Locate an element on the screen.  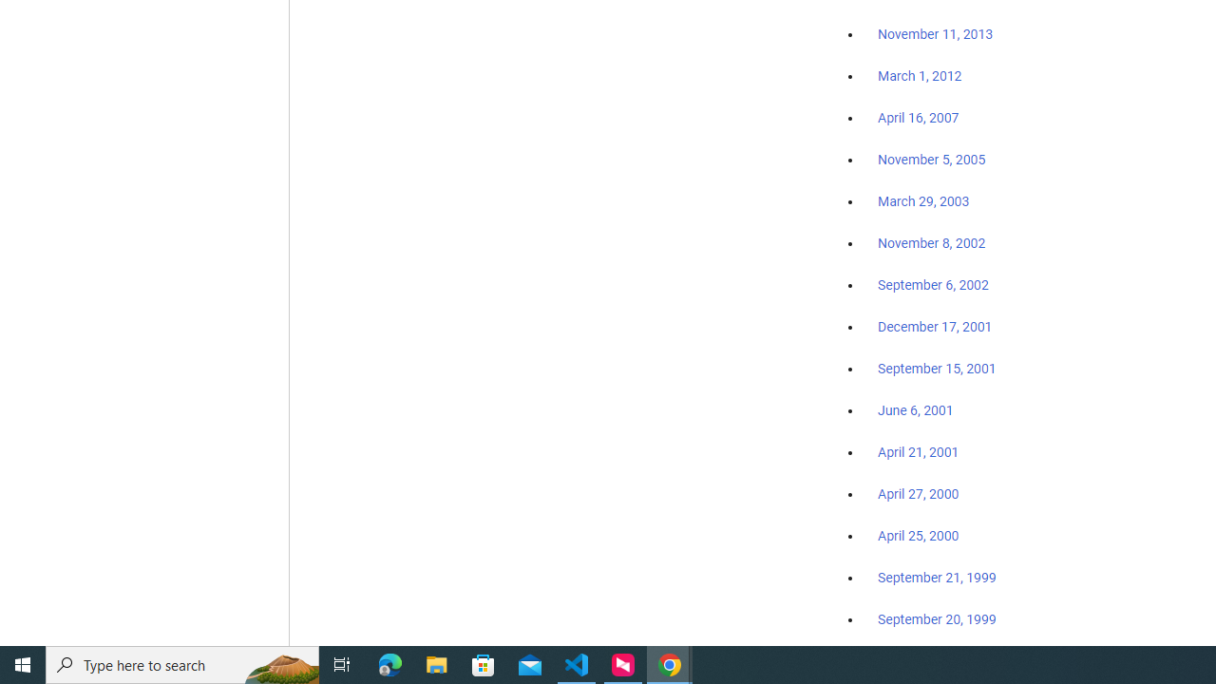
'April 16, 2007' is located at coordinates (919, 118).